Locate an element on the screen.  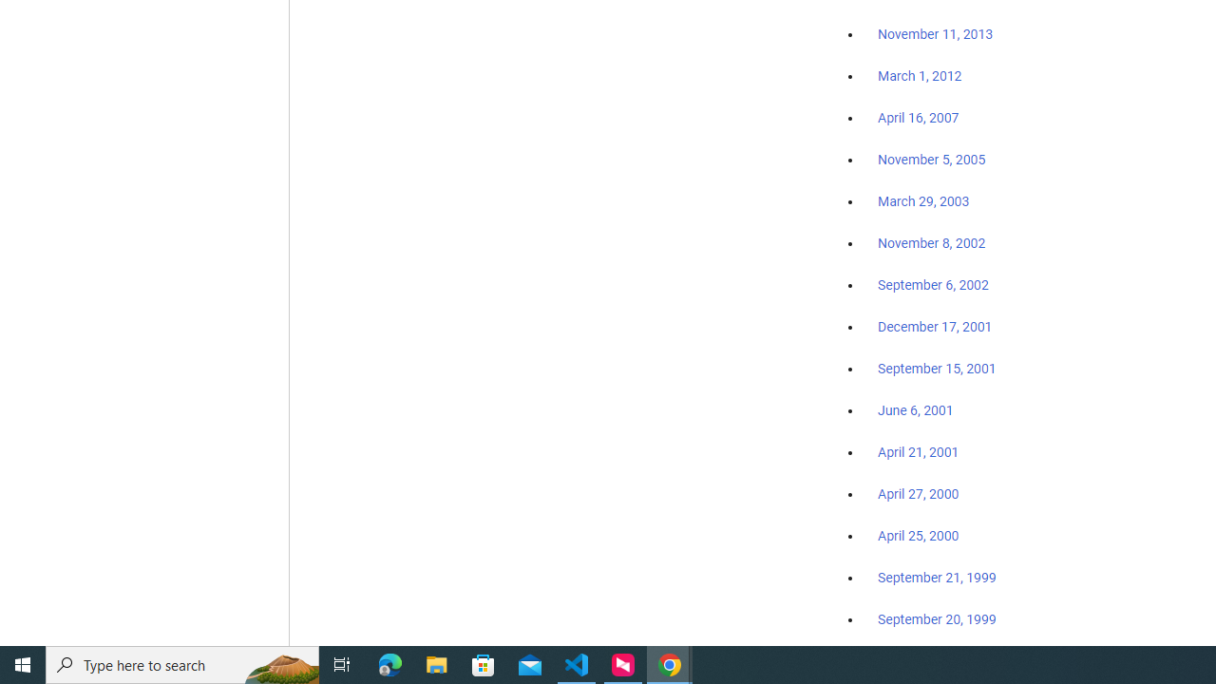
'April 16, 2007' is located at coordinates (919, 118).